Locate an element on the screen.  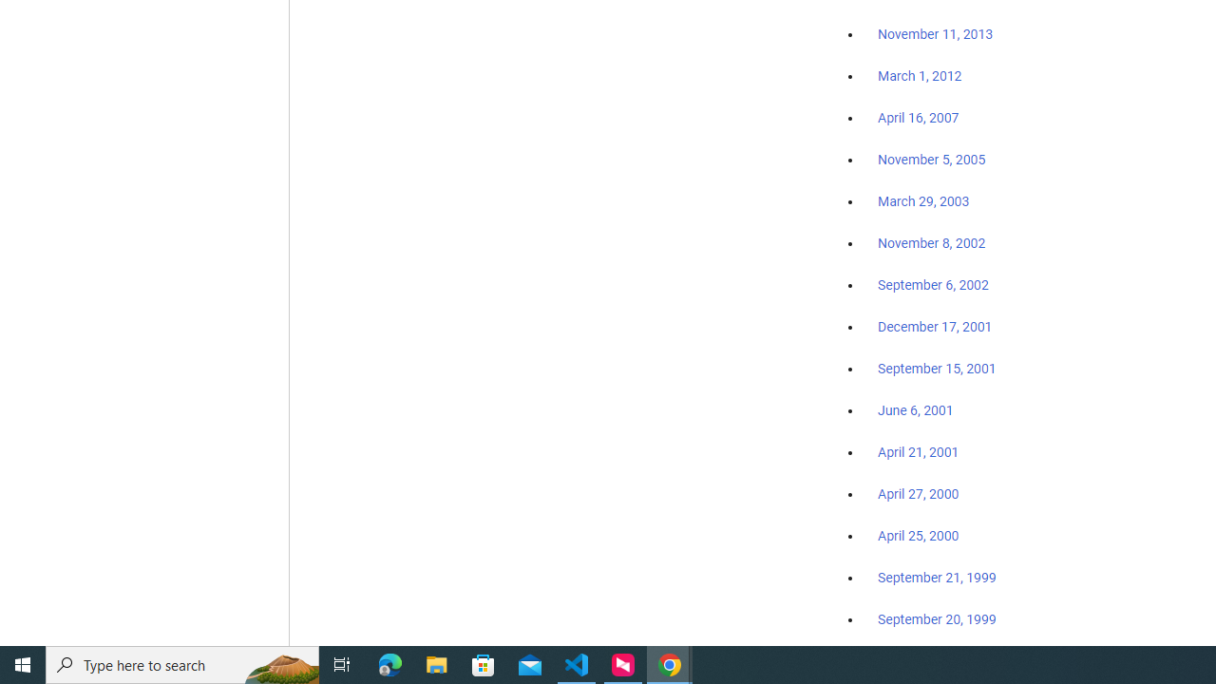
'April 16, 2007' is located at coordinates (919, 118).